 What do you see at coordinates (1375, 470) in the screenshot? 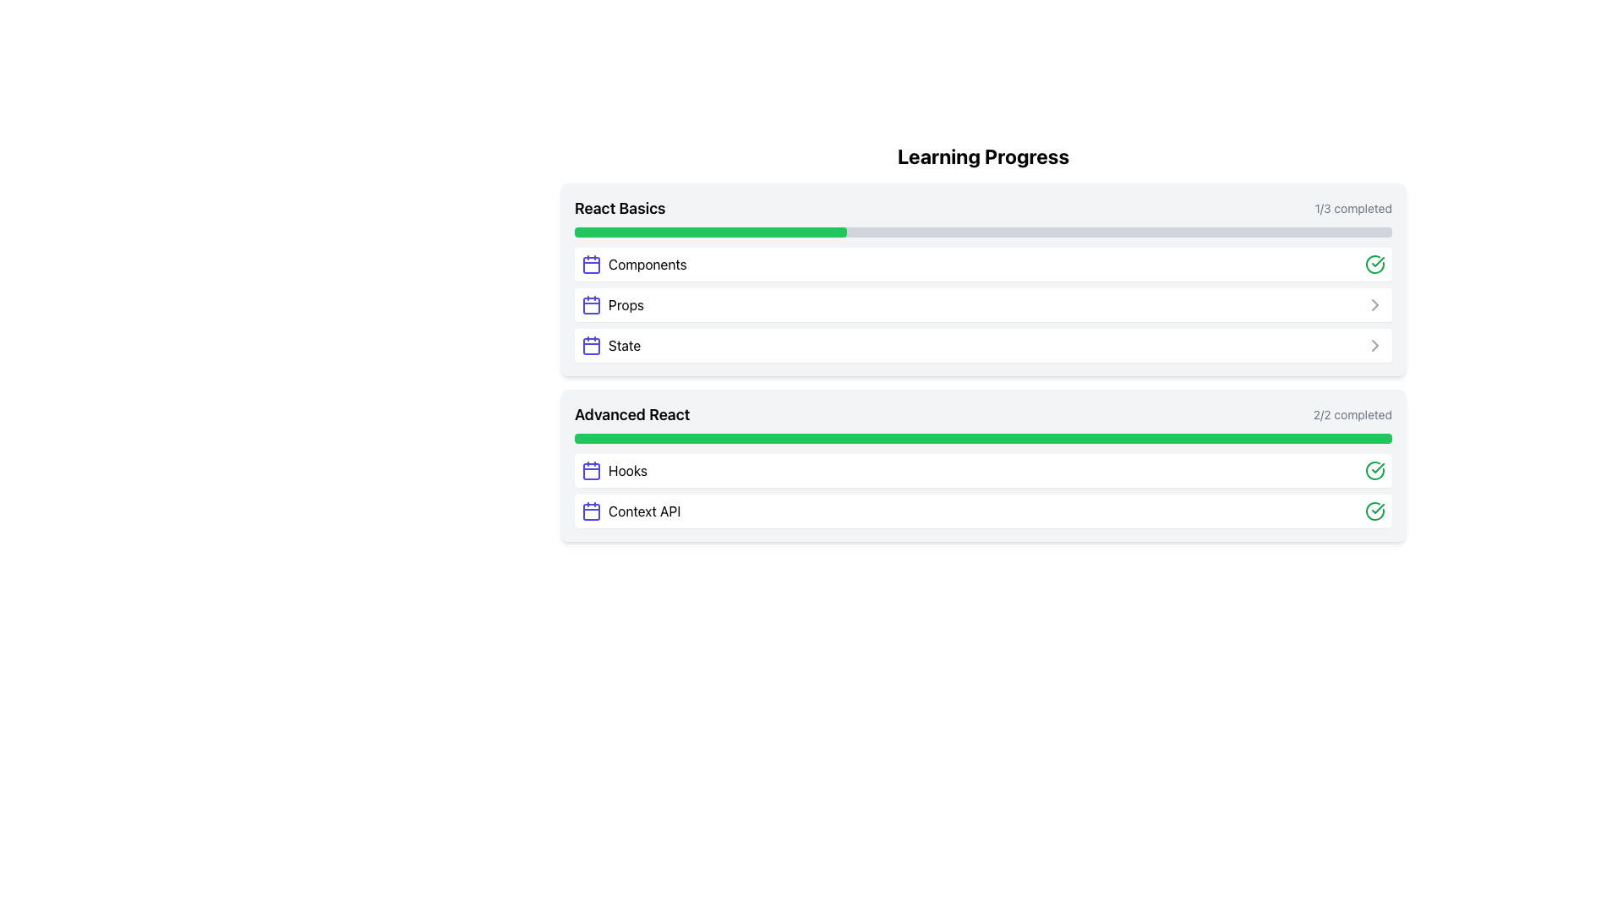
I see `the completion icon located to the right of the 'Hooks' label in the 'Advanced React' section, indicating that the Hooks module is completed` at bounding box center [1375, 470].